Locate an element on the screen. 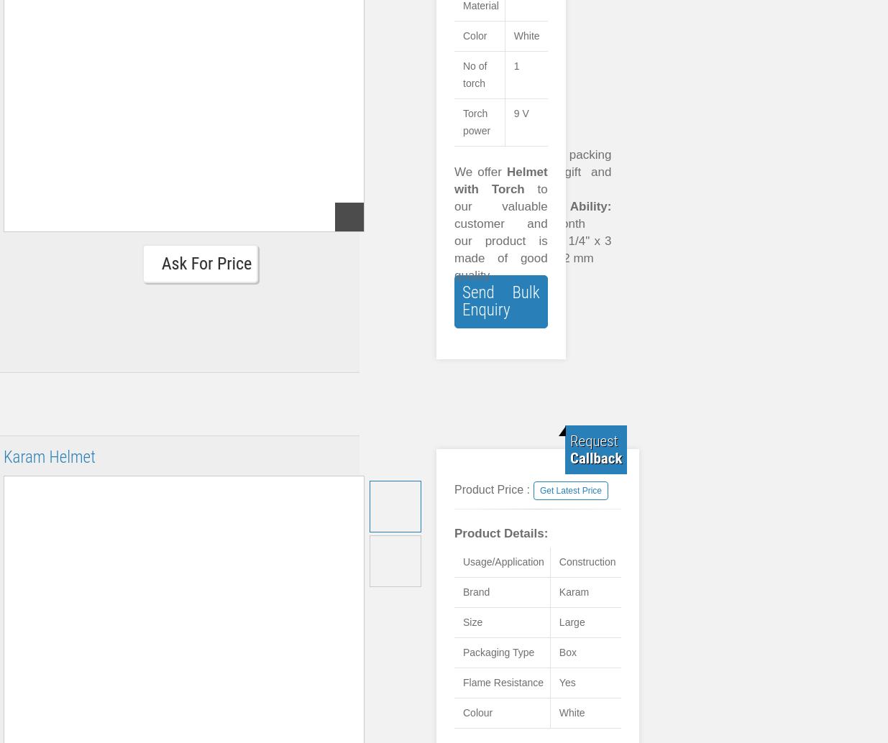  'Product Price :' is located at coordinates (454, 489).